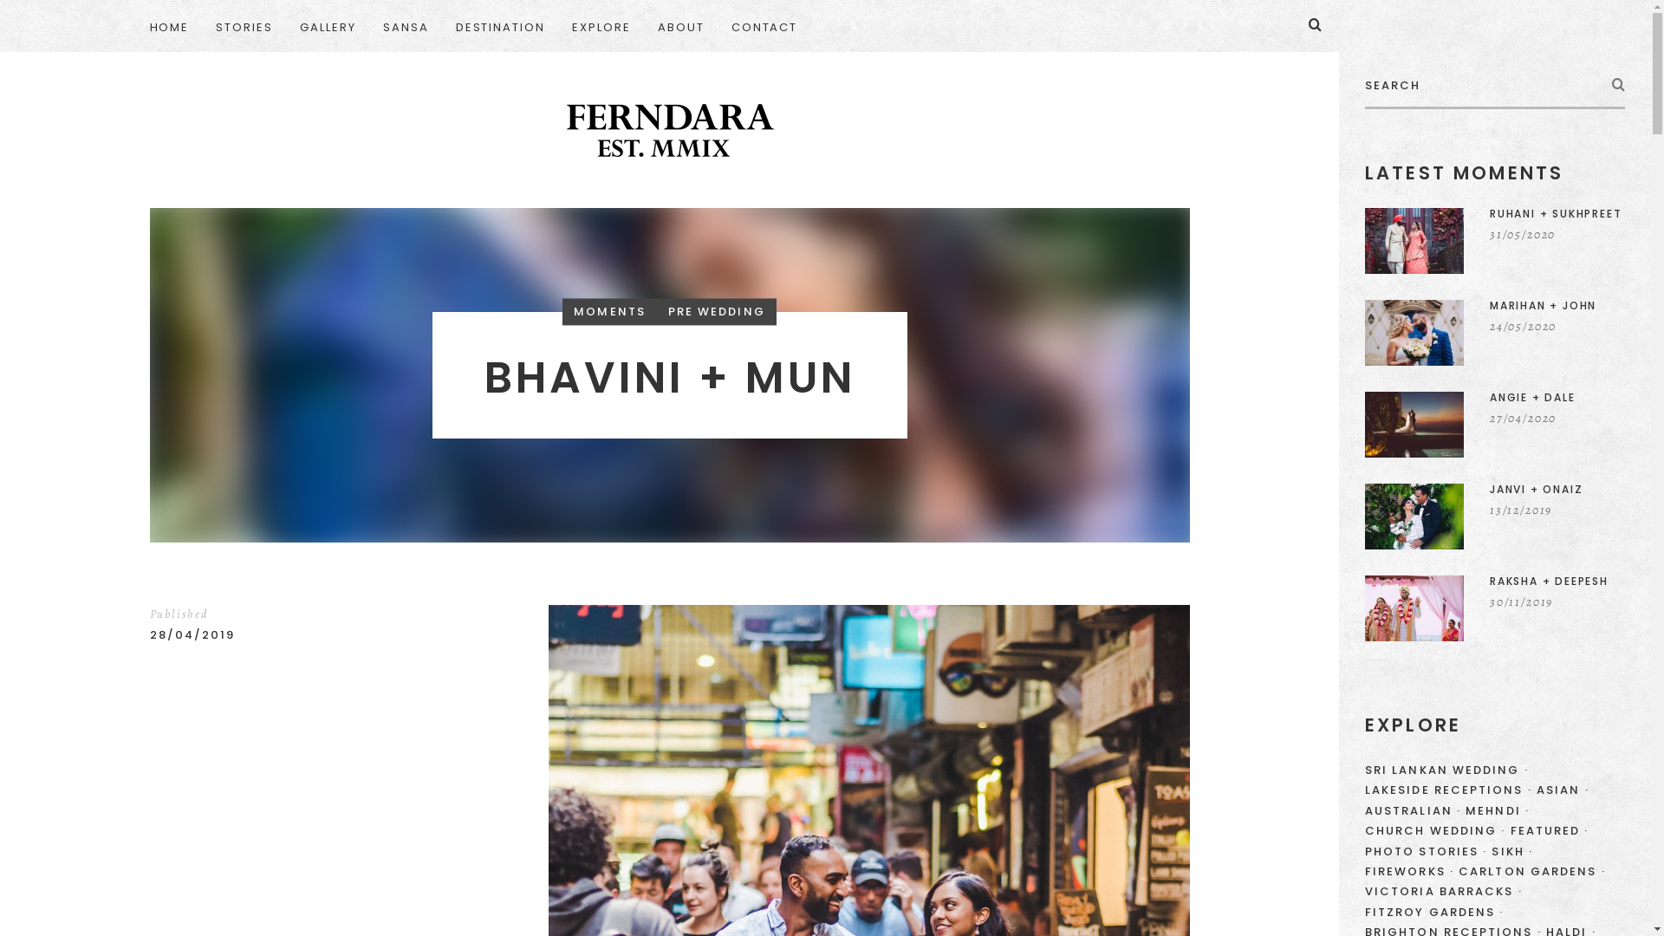 The width and height of the screenshot is (1664, 936). Describe the element at coordinates (716, 310) in the screenshot. I see `'PRE WEDDING'` at that location.